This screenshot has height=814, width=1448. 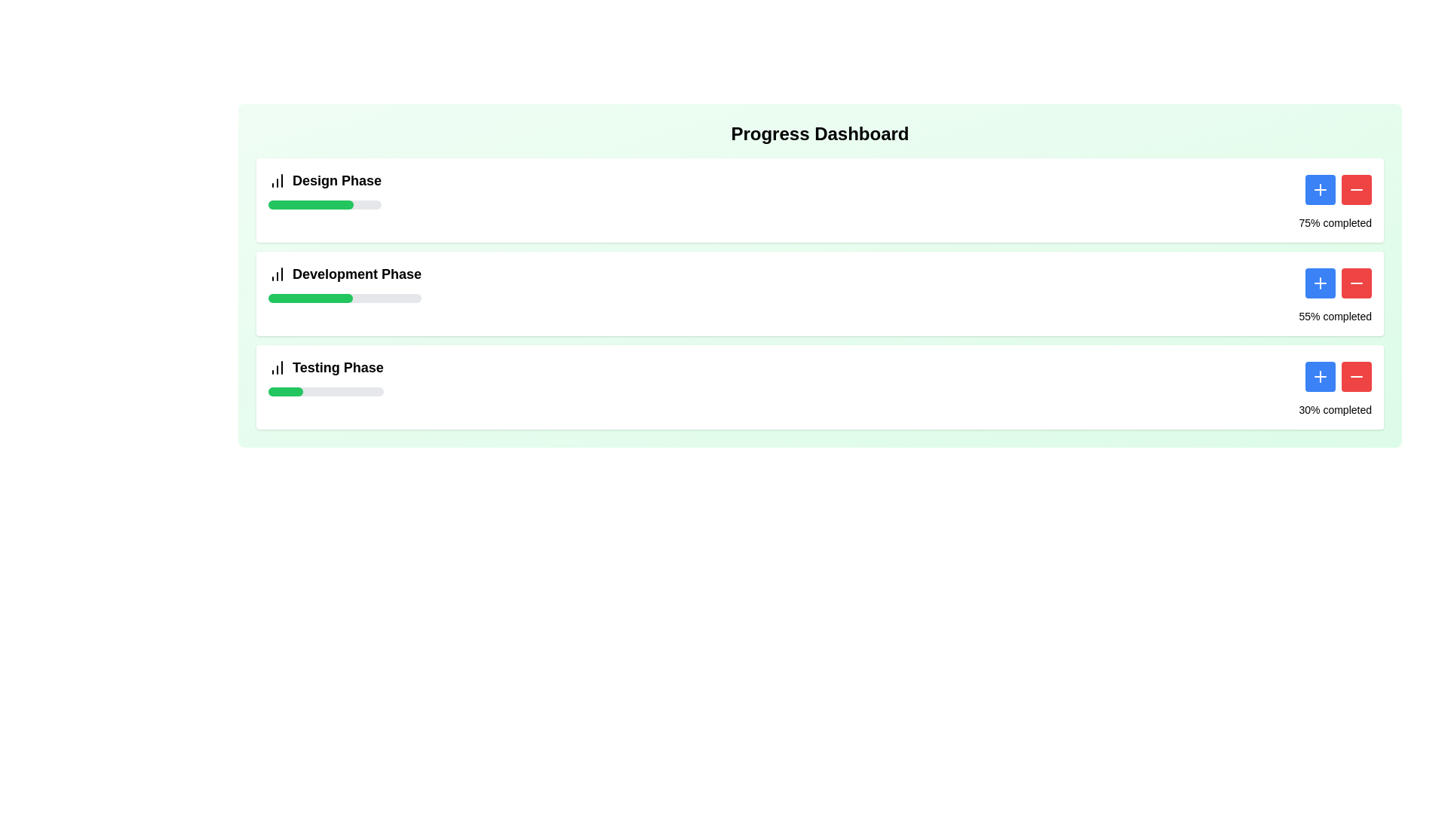 I want to click on the blue button with a white plus symbol located in the top-right quadrant of the 'Design Phase' progress card, so click(x=1320, y=188).